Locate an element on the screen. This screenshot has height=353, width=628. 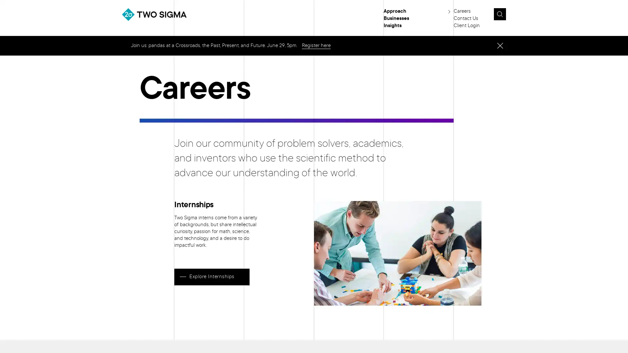
Search is located at coordinates (499, 14).